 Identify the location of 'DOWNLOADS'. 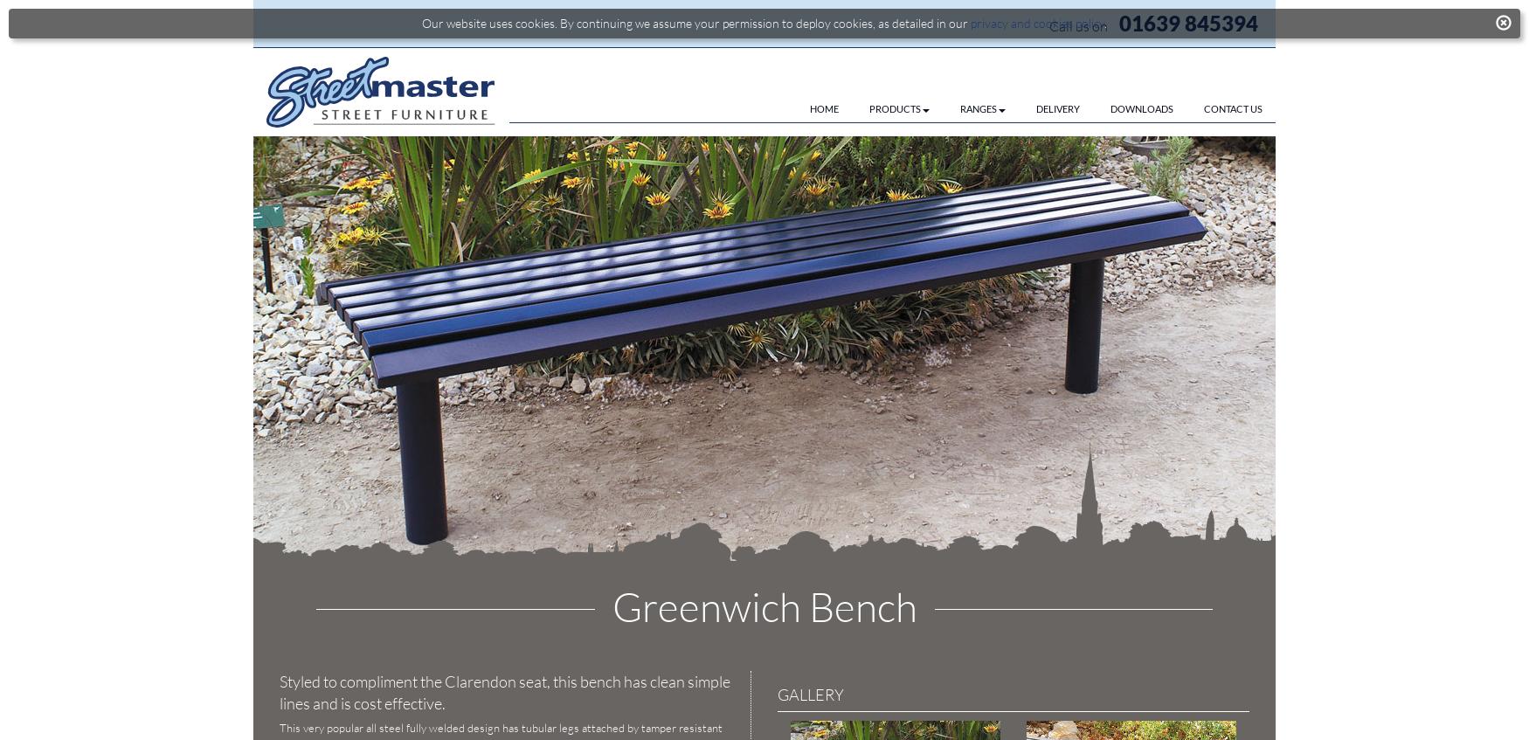
(1110, 107).